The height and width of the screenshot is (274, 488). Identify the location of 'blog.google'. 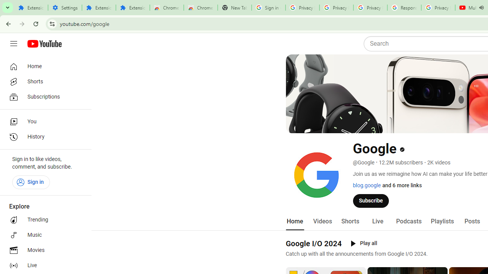
(366, 185).